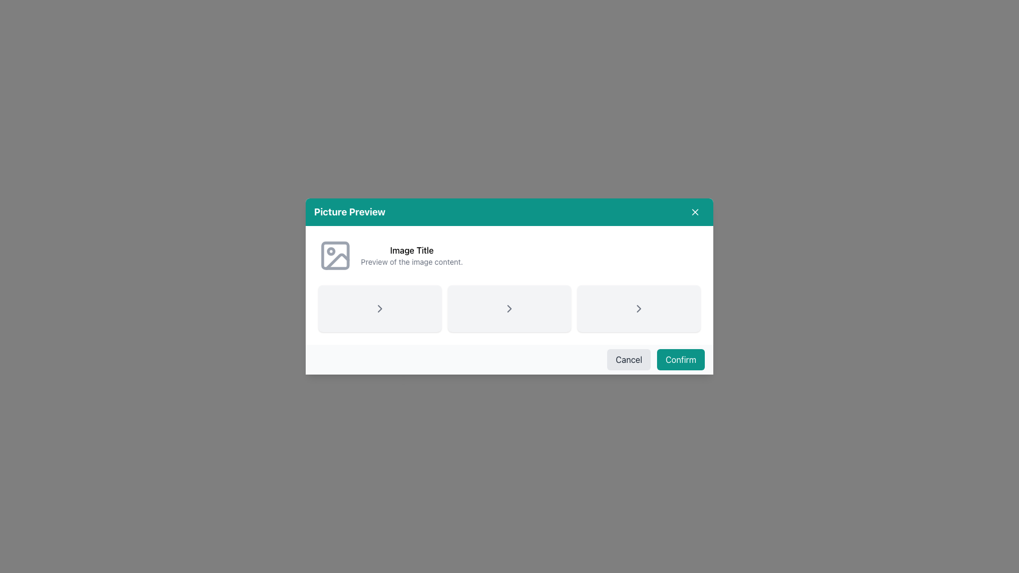 Image resolution: width=1019 pixels, height=573 pixels. I want to click on the third button with a light gray background and a right-pointing chevron icon, so click(638, 309).